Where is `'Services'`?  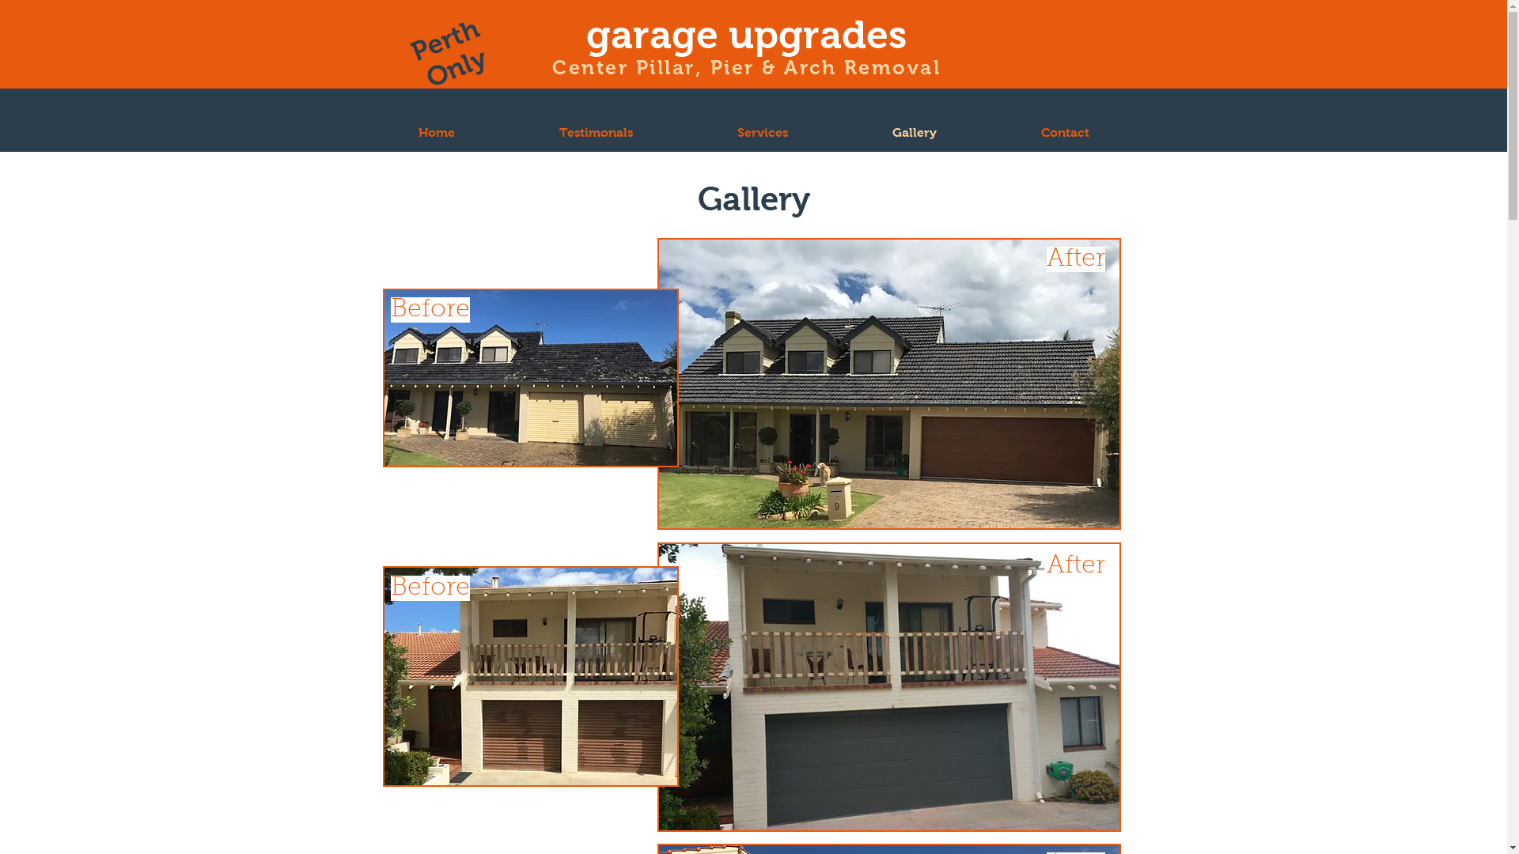 'Services' is located at coordinates (763, 131).